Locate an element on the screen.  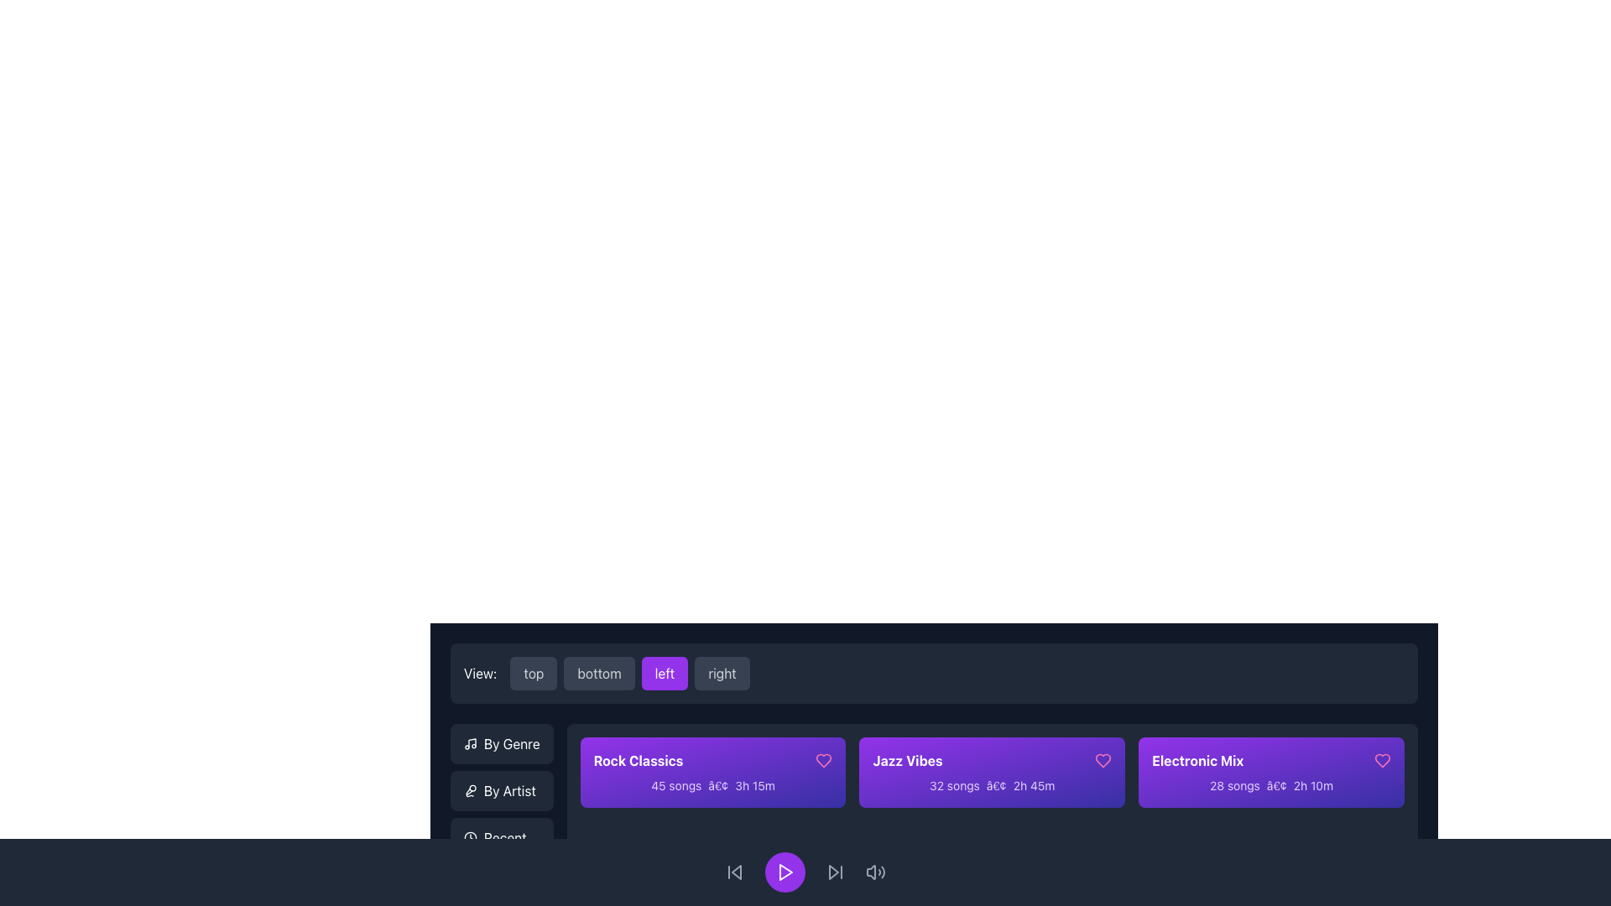
the 'By Genre' button, which is a labeled button featuring a musical note icon and white text on a dark background, located in the sidebar, second from the top is located at coordinates (501, 743).